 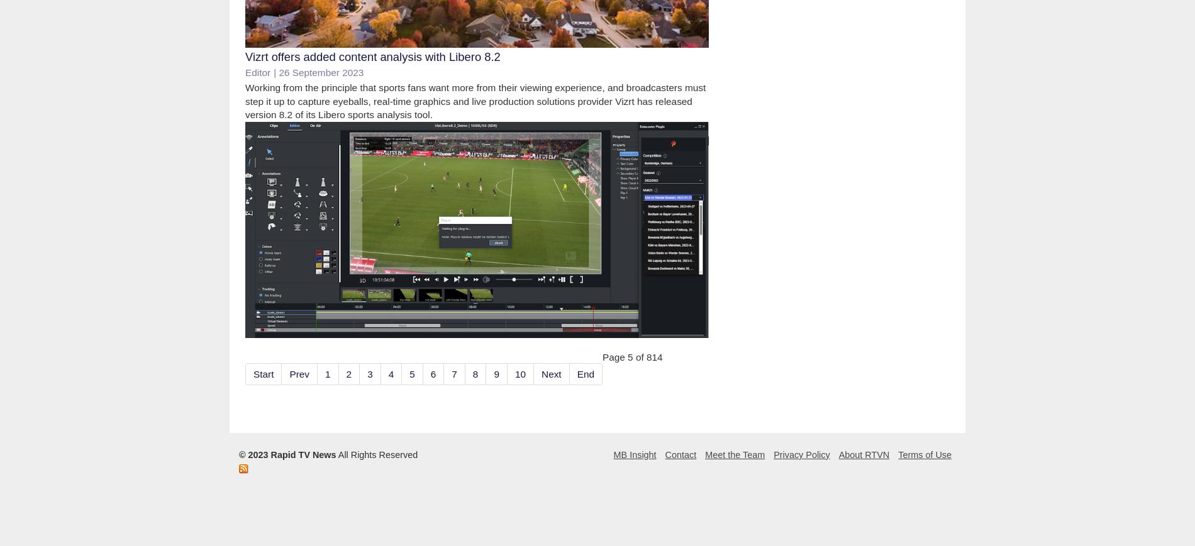 I want to click on 'Working from the principle that sports fans want more from their viewing experience, and broadcasters must step it up to capture eyeballs, real-time graphics and live production solutions provider Vizrt has released version 8.2 of its Libero sports analysis tool.', so click(x=475, y=101).